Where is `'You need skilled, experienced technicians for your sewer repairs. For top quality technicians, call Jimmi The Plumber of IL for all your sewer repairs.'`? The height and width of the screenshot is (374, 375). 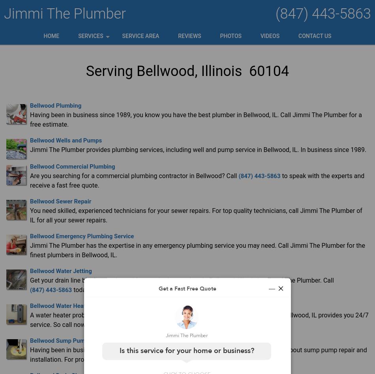 'You need skilled, experienced technicians for your sewer repairs. For top quality technicians, call Jimmi The Plumber of IL for all your sewer repairs.' is located at coordinates (30, 215).